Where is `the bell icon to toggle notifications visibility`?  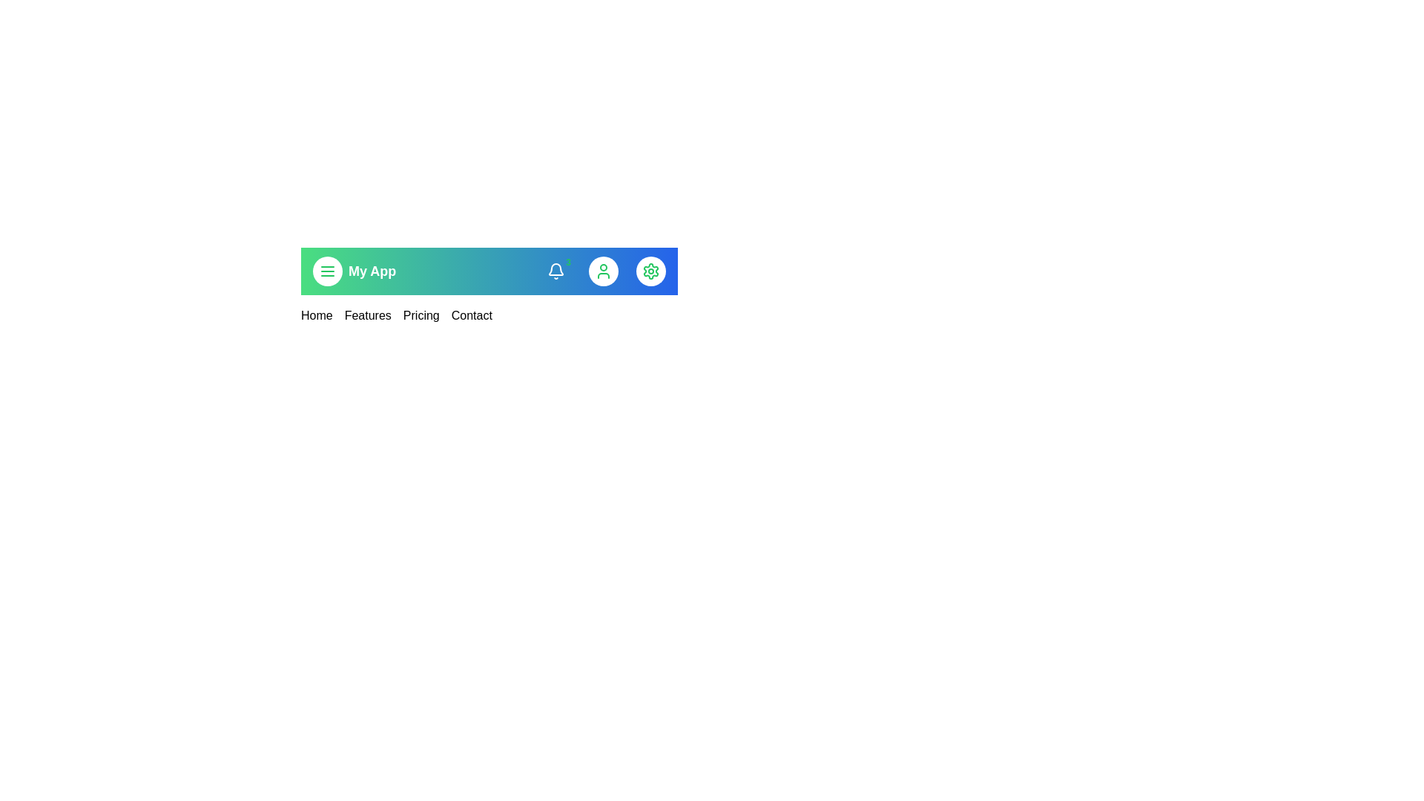
the bell icon to toggle notifications visibility is located at coordinates (555, 271).